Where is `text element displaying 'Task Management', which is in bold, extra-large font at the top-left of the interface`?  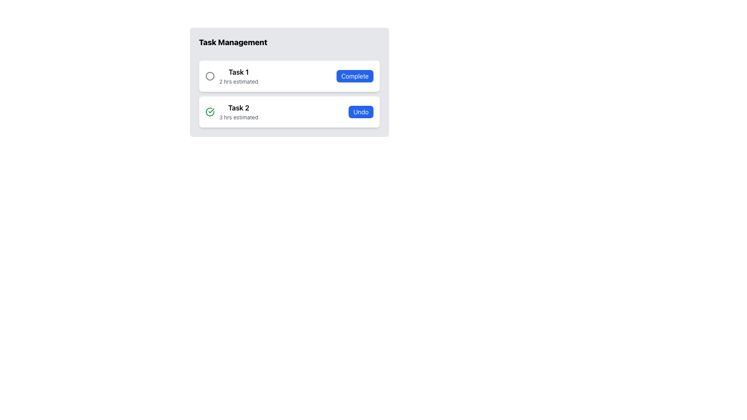
text element displaying 'Task Management', which is in bold, extra-large font at the top-left of the interface is located at coordinates (233, 42).